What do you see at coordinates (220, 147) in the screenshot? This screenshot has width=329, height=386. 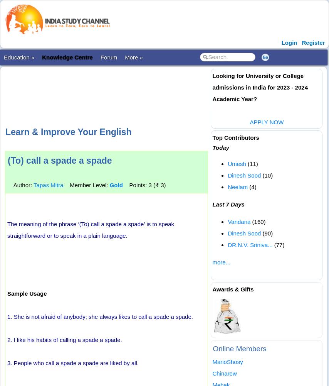 I see `'Today'` at bounding box center [220, 147].